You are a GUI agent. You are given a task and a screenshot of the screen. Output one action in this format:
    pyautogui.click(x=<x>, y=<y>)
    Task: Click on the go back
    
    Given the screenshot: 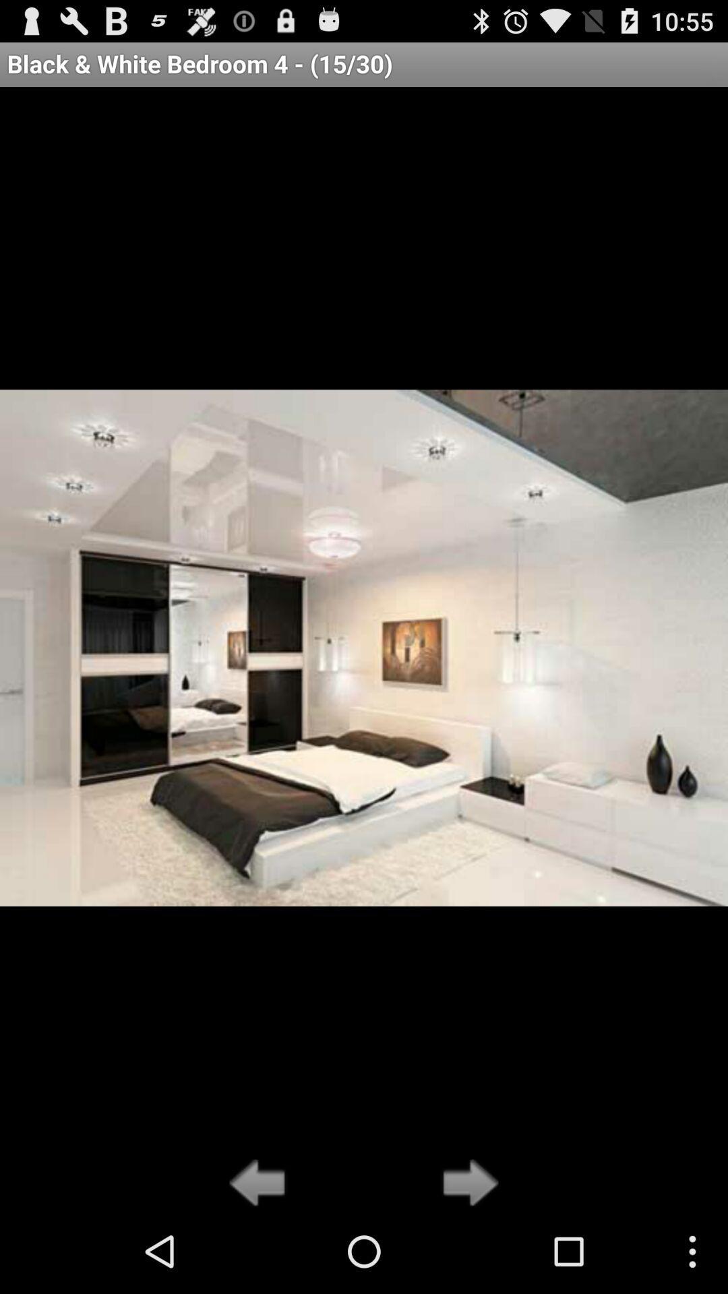 What is the action you would take?
    pyautogui.click(x=261, y=1183)
    